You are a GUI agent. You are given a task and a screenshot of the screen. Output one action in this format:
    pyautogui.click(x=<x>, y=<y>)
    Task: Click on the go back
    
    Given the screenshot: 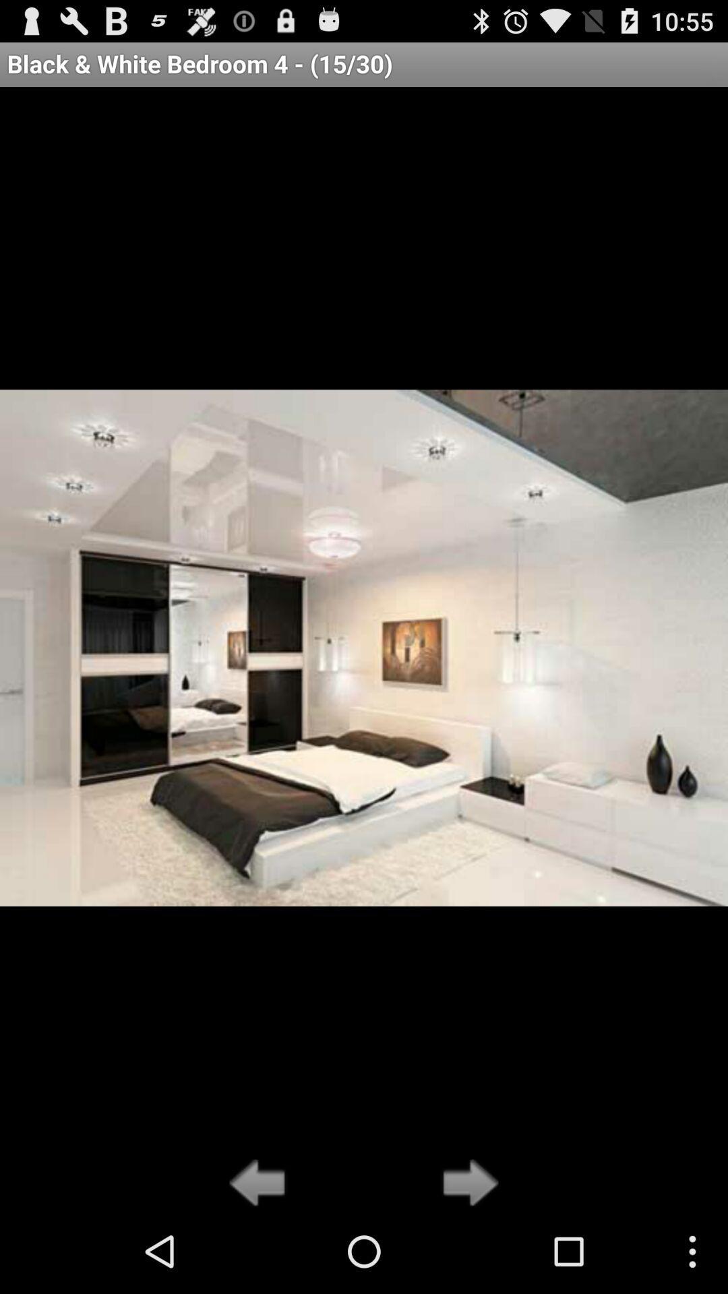 What is the action you would take?
    pyautogui.click(x=261, y=1183)
    